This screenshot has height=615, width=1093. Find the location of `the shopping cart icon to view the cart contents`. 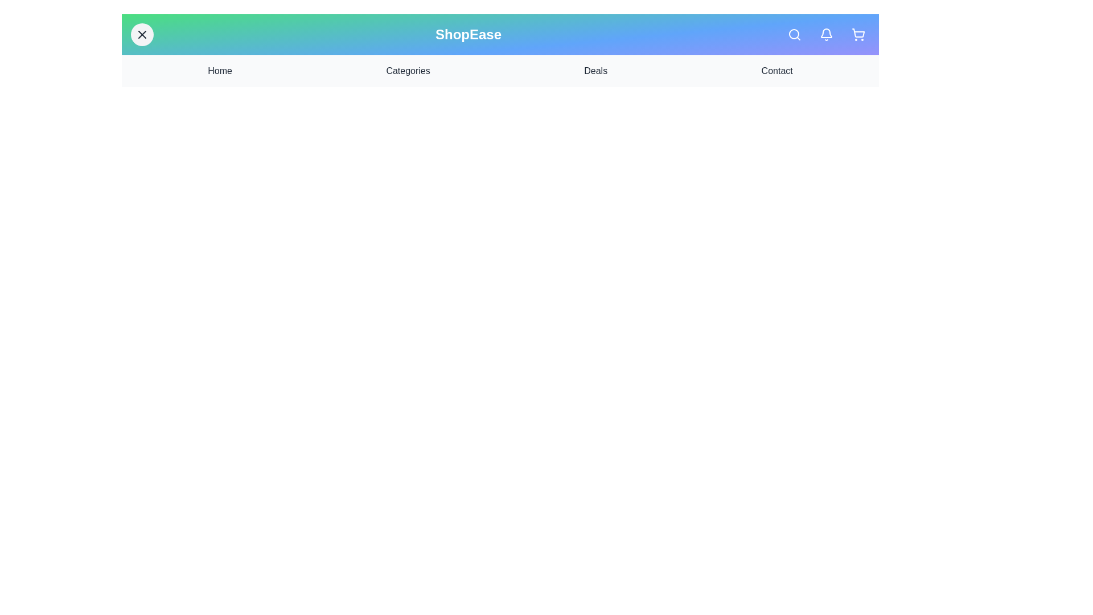

the shopping cart icon to view the cart contents is located at coordinates (858, 34).